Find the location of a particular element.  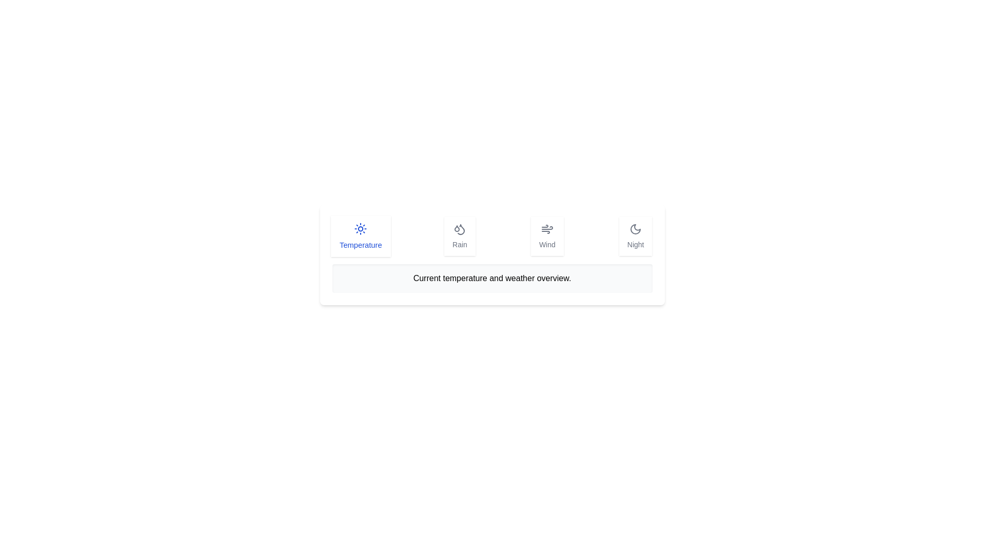

the 'Rain' label, which is styled with a medium-sized font weight in a muted color scheme and is located at the center of the second icon group, positioned between the 'Temperature' and 'Wind' groups is located at coordinates (459, 245).